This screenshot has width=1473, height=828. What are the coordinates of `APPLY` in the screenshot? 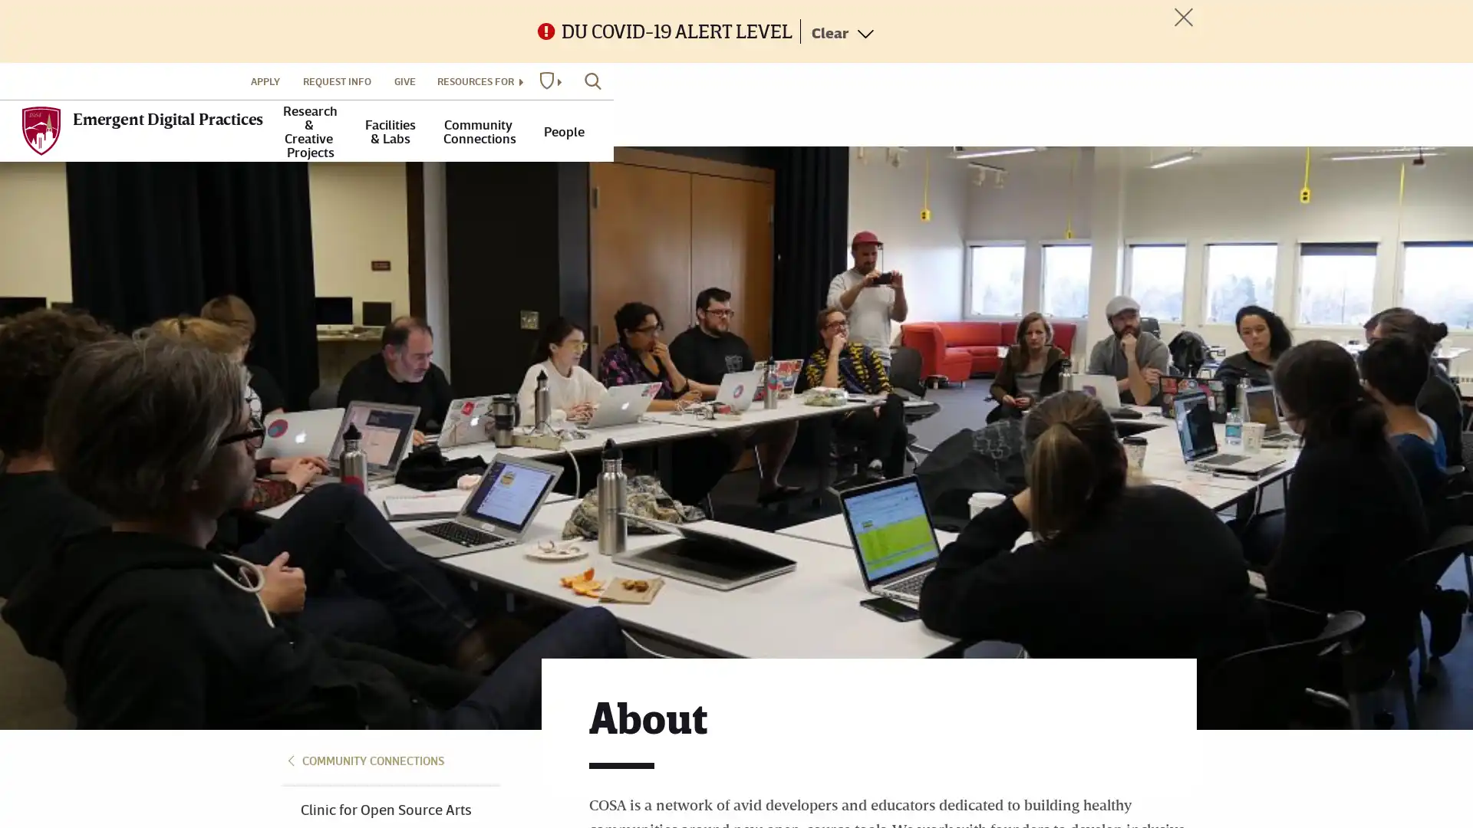 It's located at (847, 80).